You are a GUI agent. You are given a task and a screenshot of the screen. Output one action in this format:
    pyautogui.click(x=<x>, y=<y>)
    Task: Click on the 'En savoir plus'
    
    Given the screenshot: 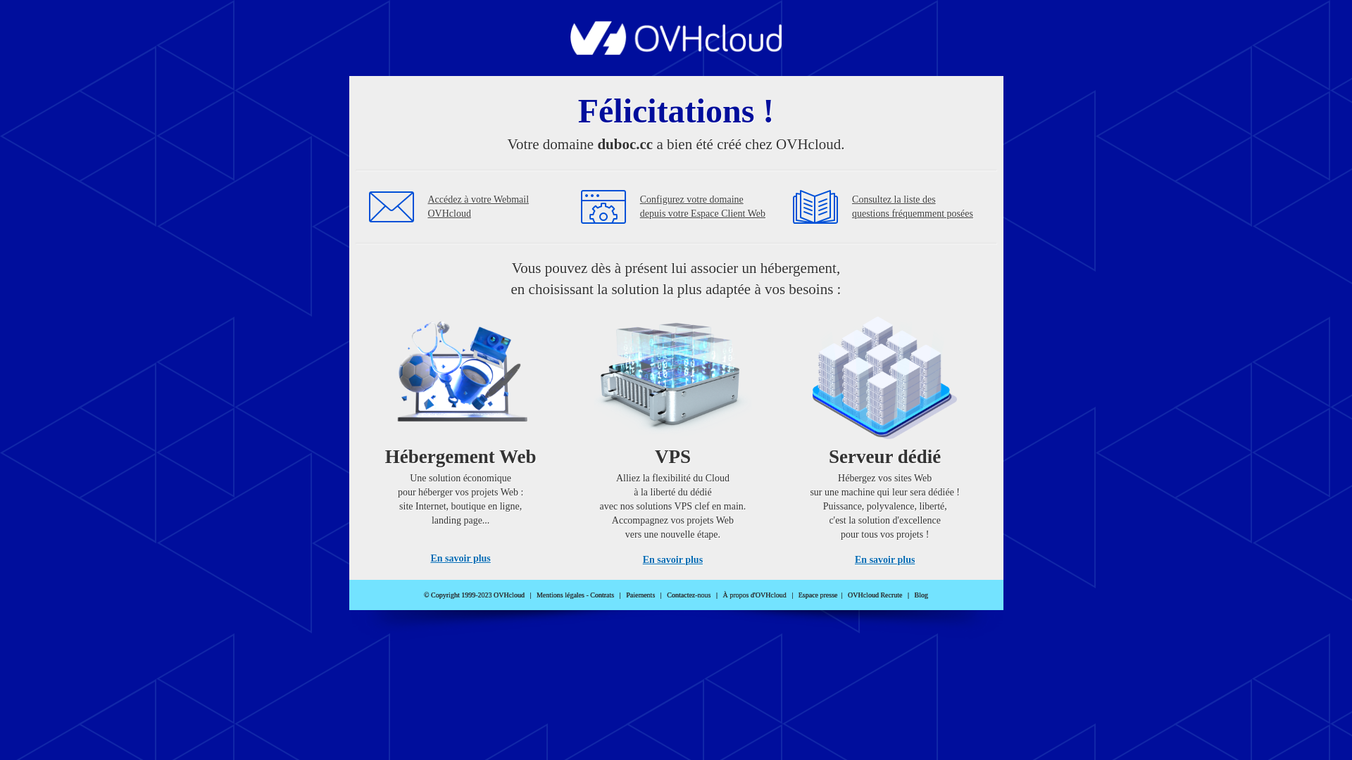 What is the action you would take?
    pyautogui.click(x=460, y=557)
    